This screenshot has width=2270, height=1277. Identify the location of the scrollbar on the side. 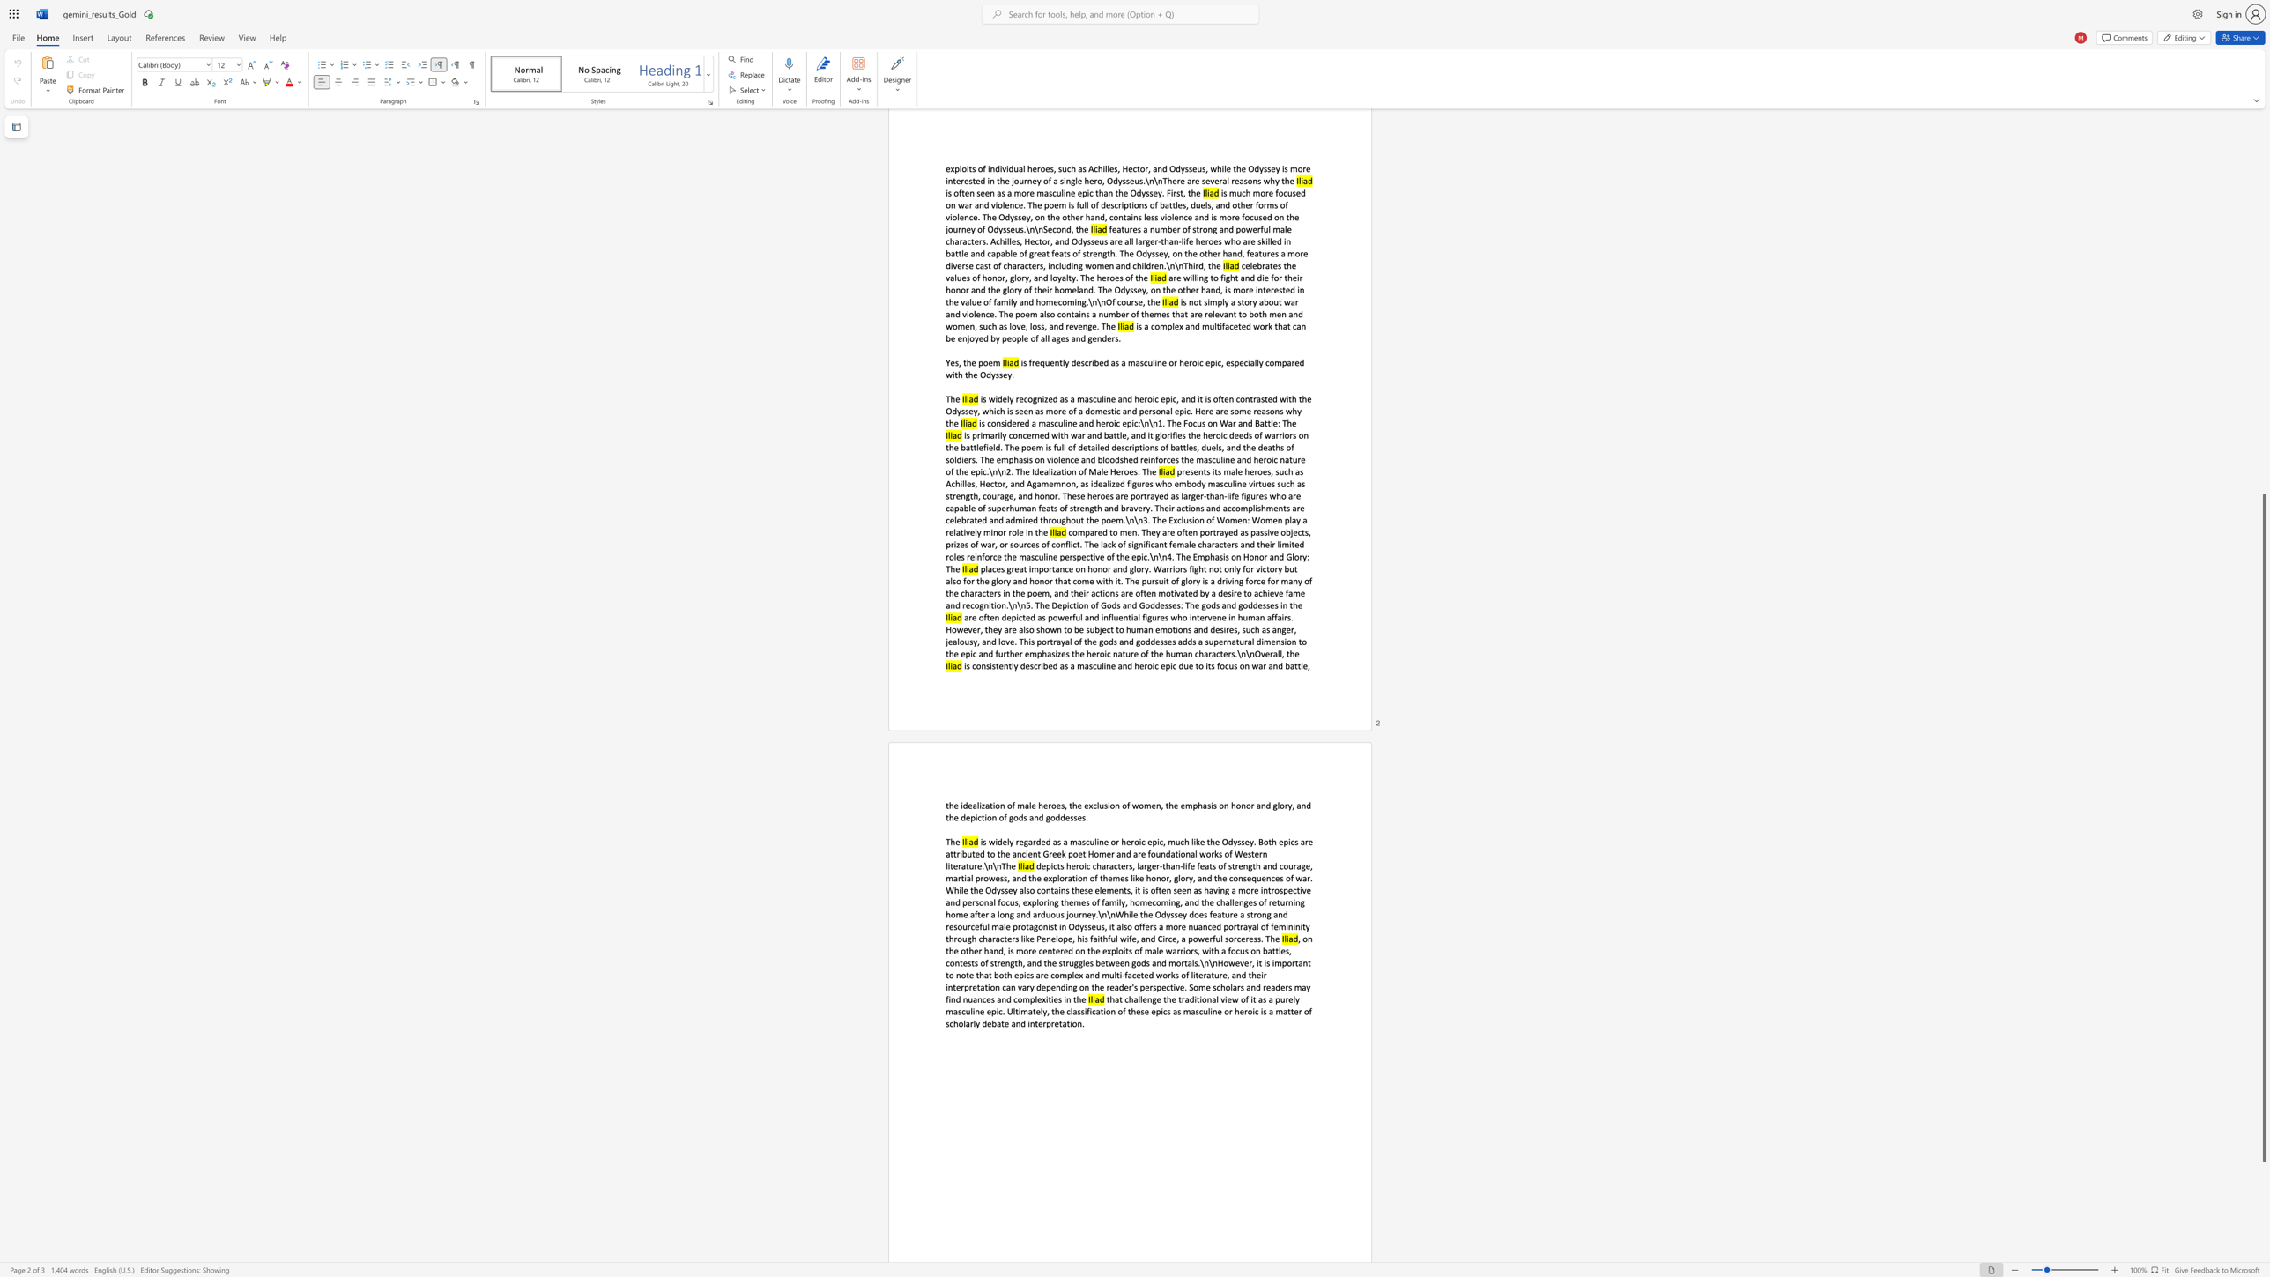
(2263, 390).